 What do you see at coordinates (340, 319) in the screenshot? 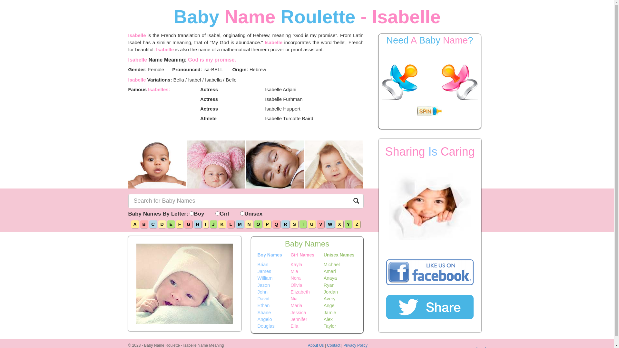
I see `'Alex'` at bounding box center [340, 319].